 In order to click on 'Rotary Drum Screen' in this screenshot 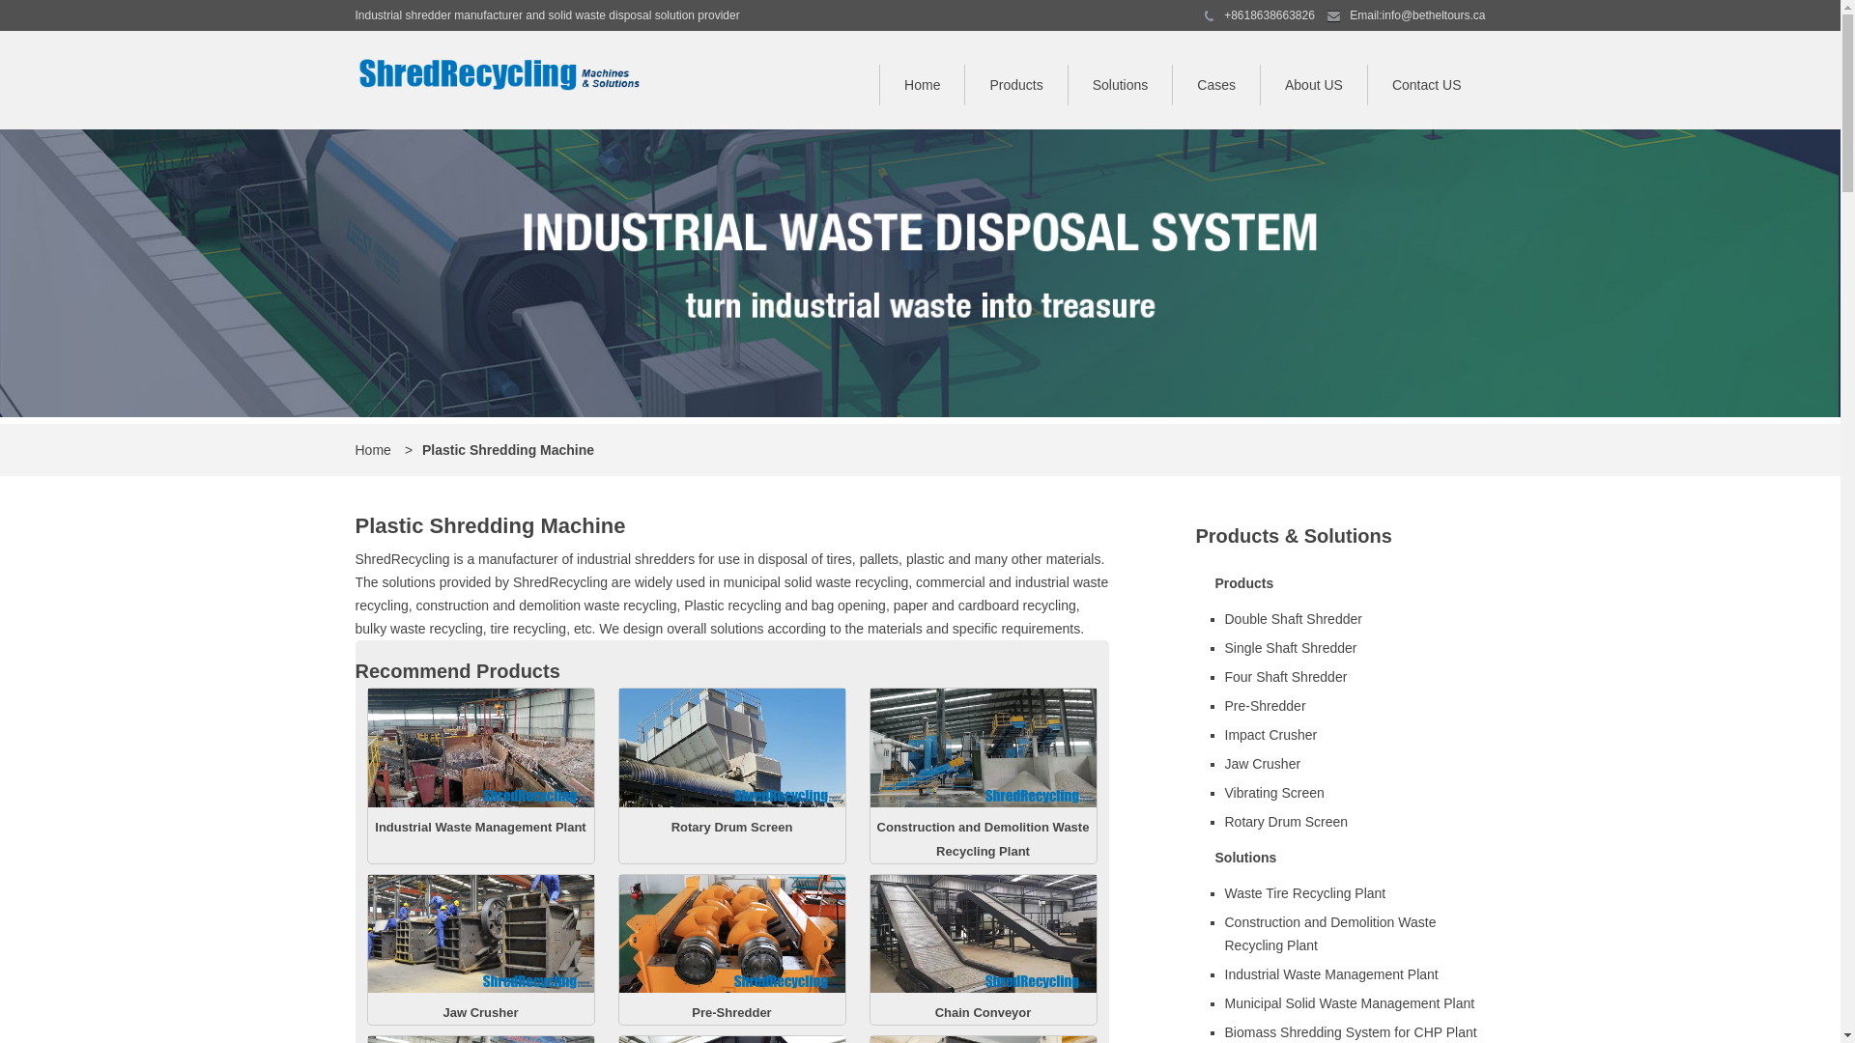, I will do `click(730, 803)`.